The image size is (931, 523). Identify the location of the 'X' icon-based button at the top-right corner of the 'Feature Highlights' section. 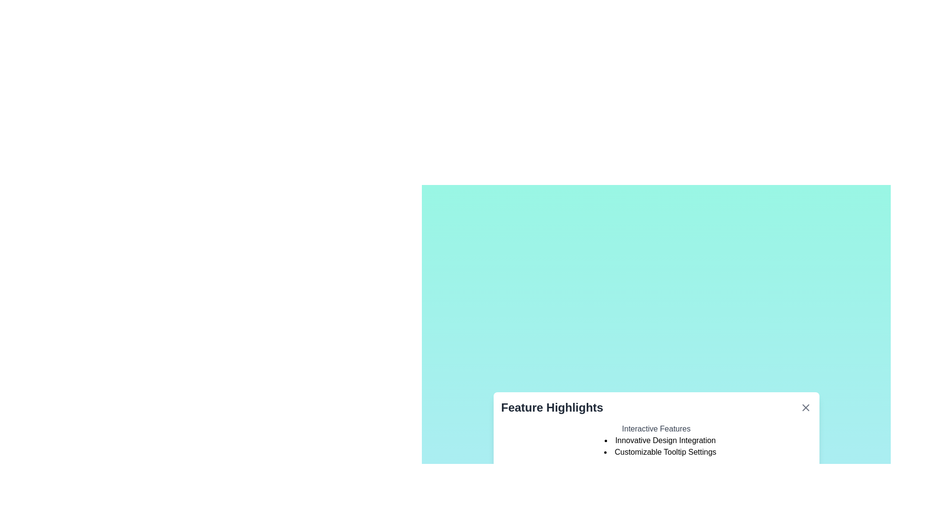
(805, 407).